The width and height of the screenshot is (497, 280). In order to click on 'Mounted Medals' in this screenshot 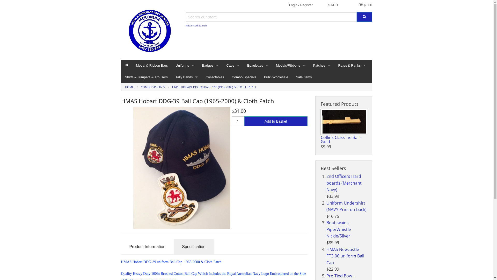, I will do `click(290, 118)`.